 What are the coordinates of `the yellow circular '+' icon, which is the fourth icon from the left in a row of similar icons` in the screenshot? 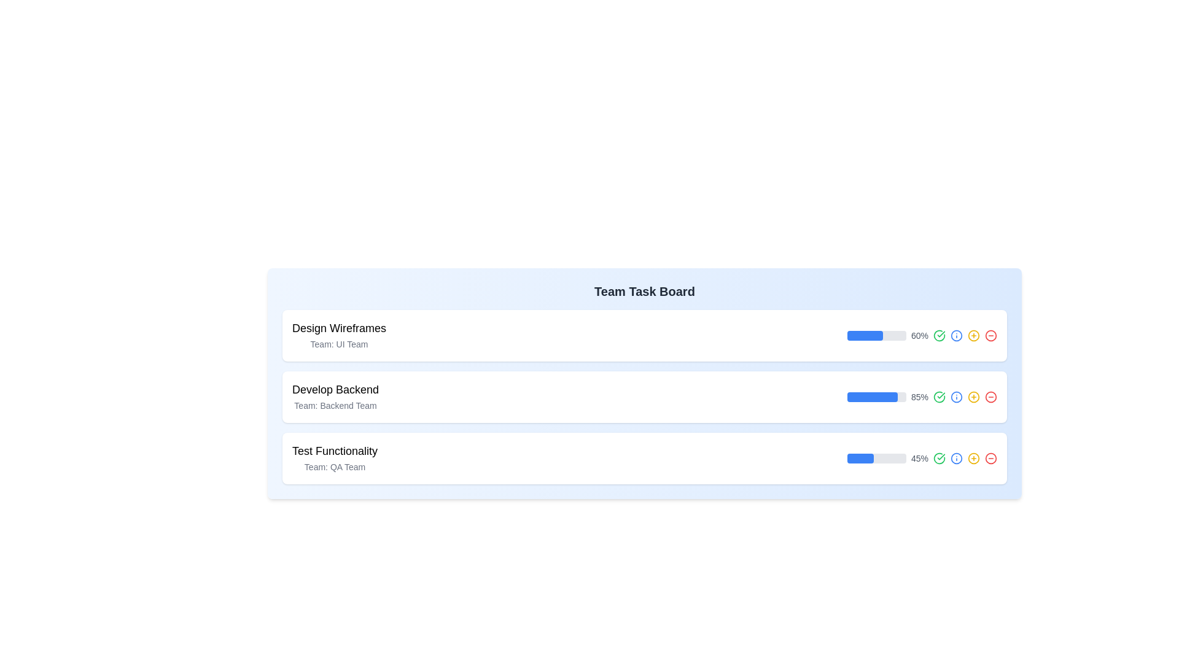 It's located at (973, 397).